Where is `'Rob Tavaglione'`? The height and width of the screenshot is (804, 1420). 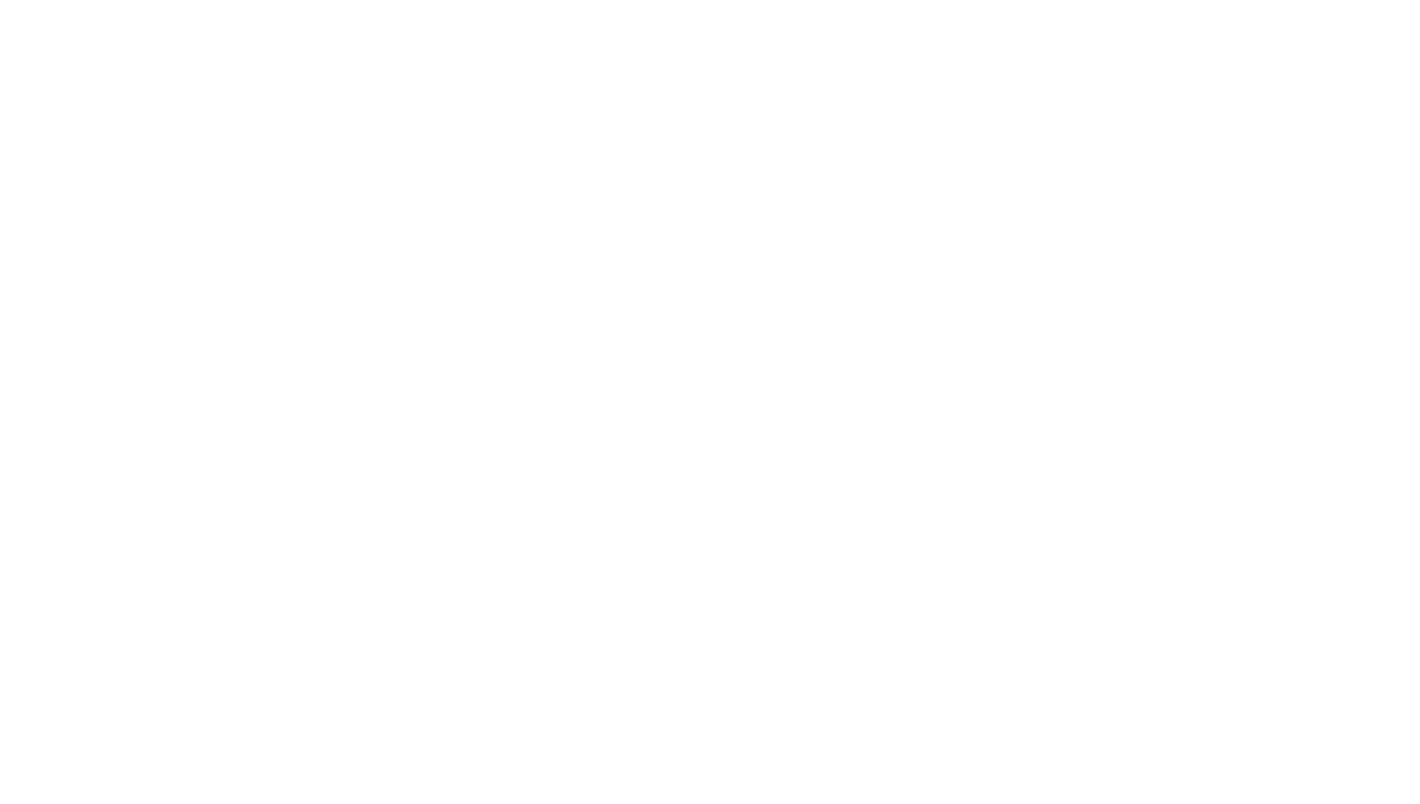 'Rob Tavaglione' is located at coordinates (485, 684).